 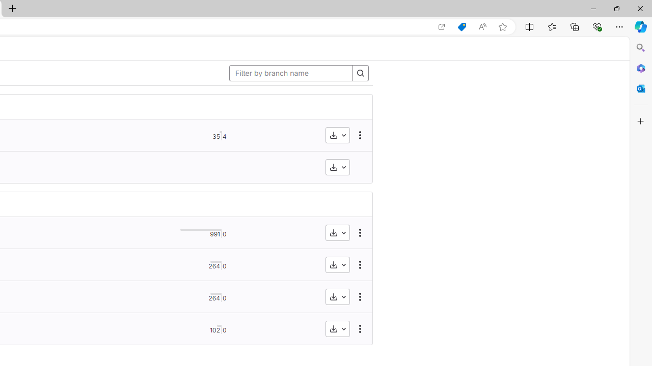 I want to click on 'Split screen', so click(x=530, y=26).